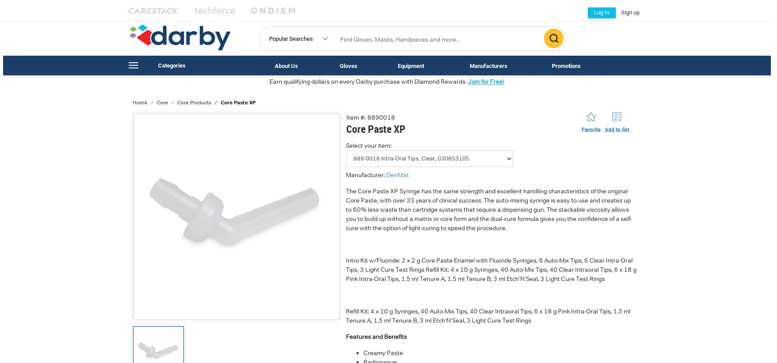 This screenshot has width=777, height=363. Describe the element at coordinates (550, 66) in the screenshot. I see `'Promotions'` at that location.